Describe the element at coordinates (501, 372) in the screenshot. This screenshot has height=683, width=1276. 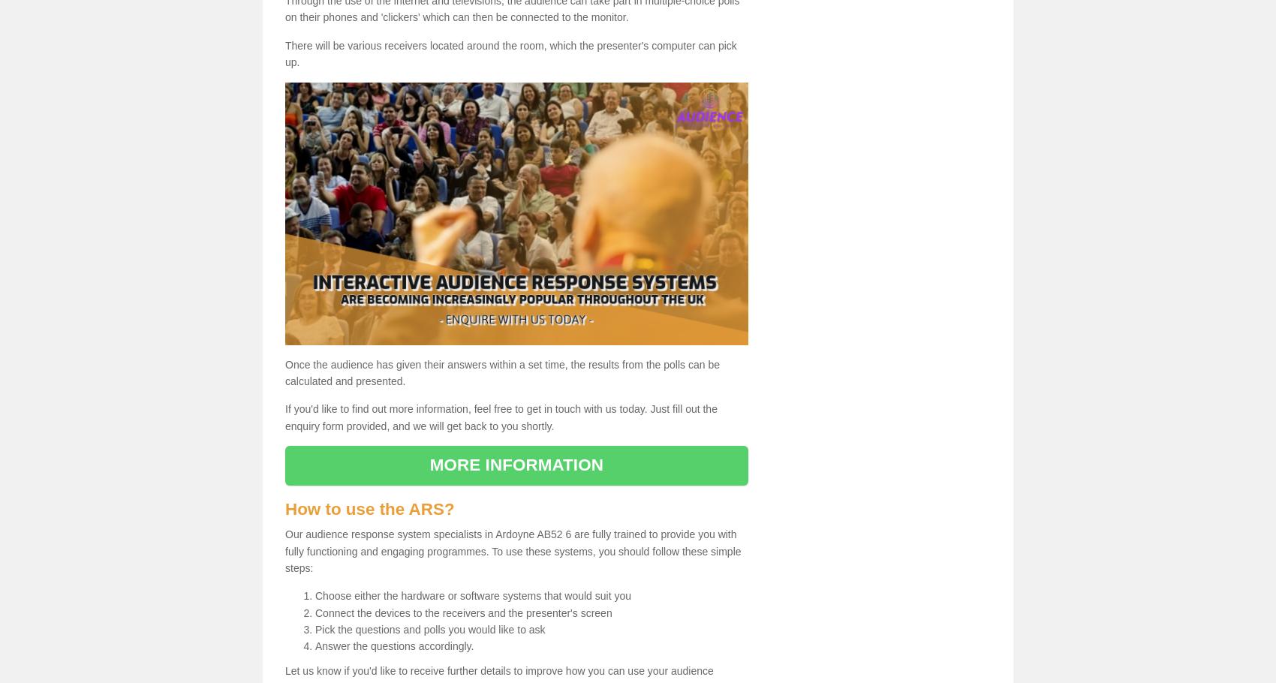
I see `'Once the audience has given their answers within a set time, the results from the polls can be calculated and presented.'` at that location.